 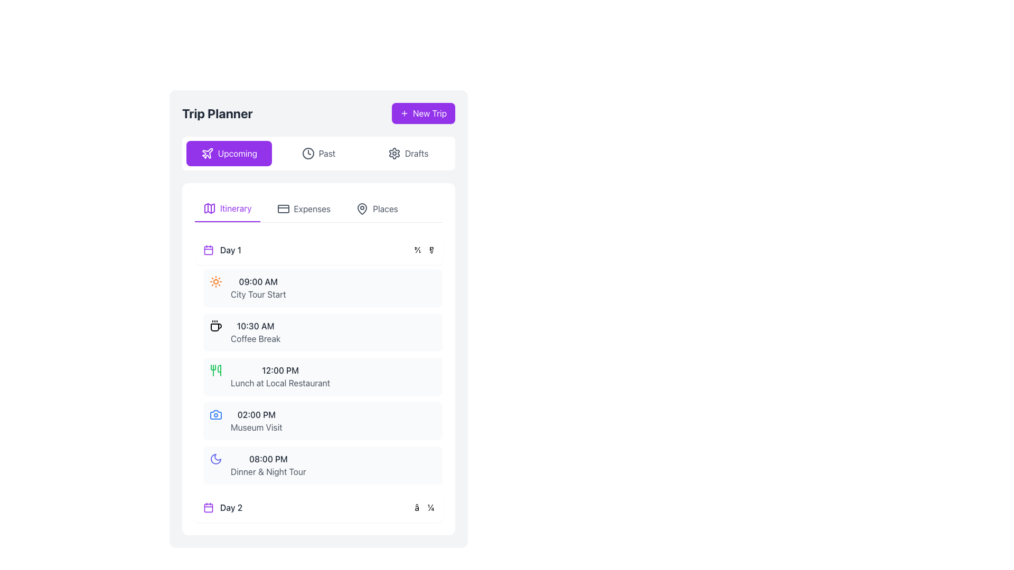 What do you see at coordinates (307, 153) in the screenshot?
I see `the clock icon located within the 'Past' button in the header section of the interface, positioned to the left of the text 'Past'` at bounding box center [307, 153].